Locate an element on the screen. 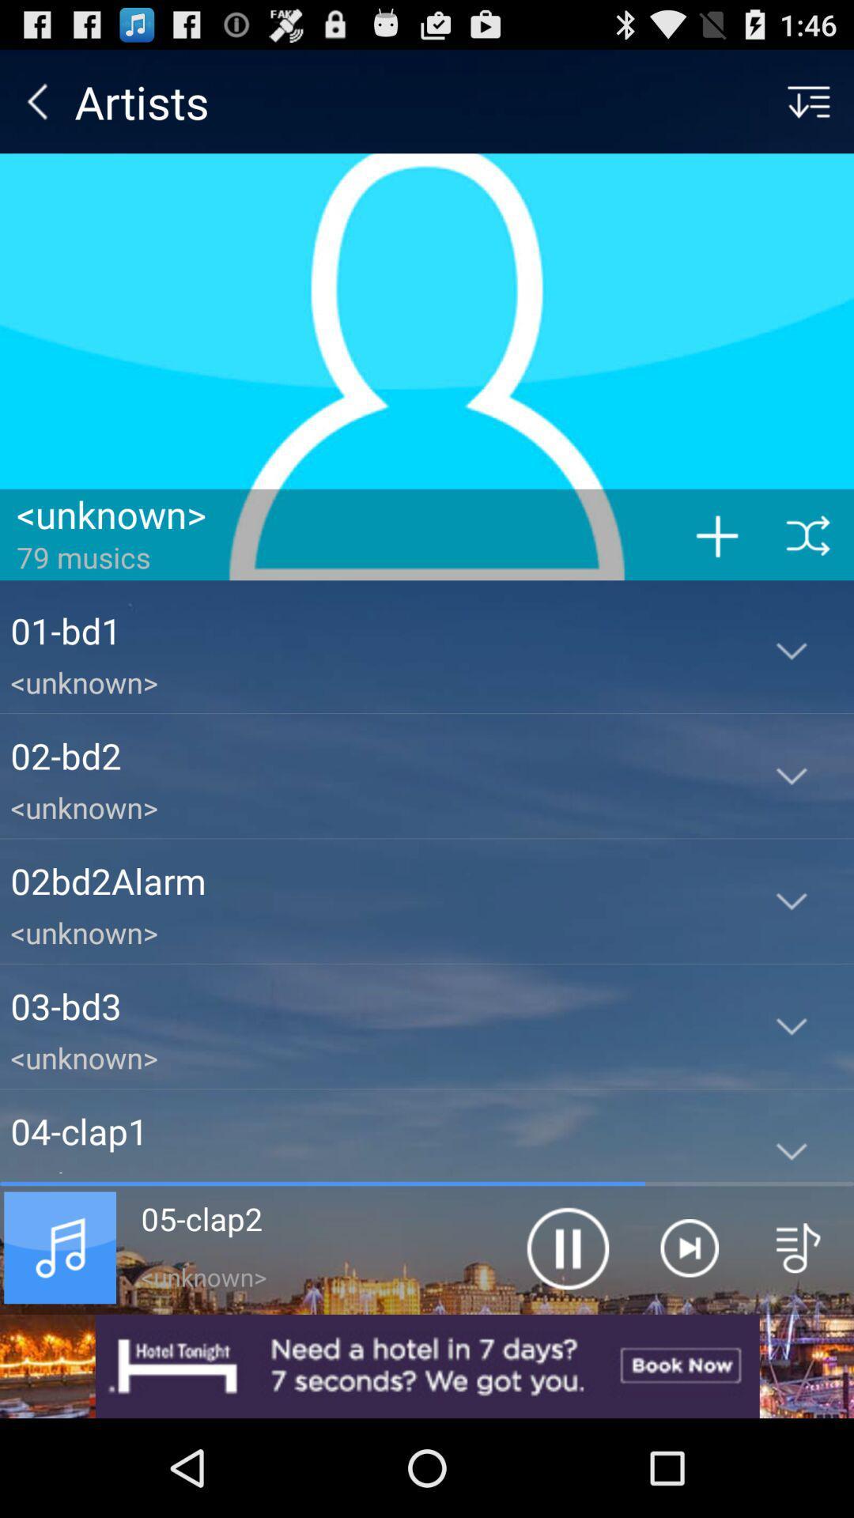 The height and width of the screenshot is (1518, 854). the icon above the <unknown> item is located at coordinates (369, 629).